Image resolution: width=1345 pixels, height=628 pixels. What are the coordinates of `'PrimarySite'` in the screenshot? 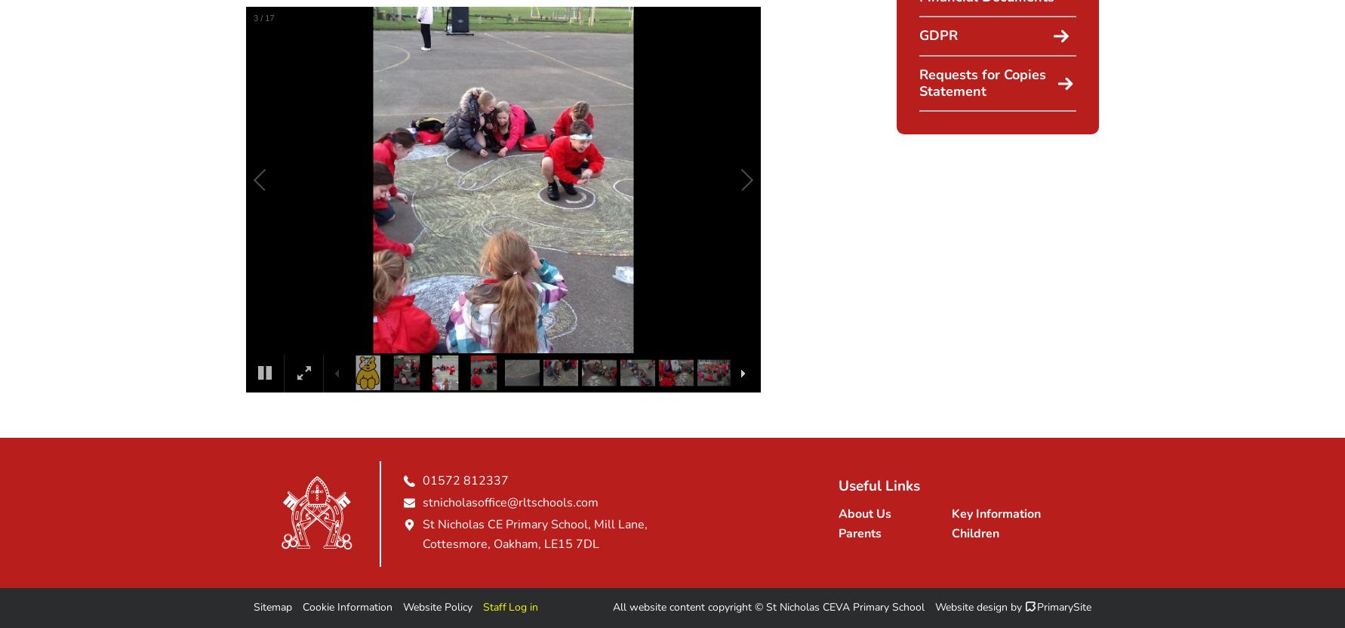 It's located at (1063, 606).